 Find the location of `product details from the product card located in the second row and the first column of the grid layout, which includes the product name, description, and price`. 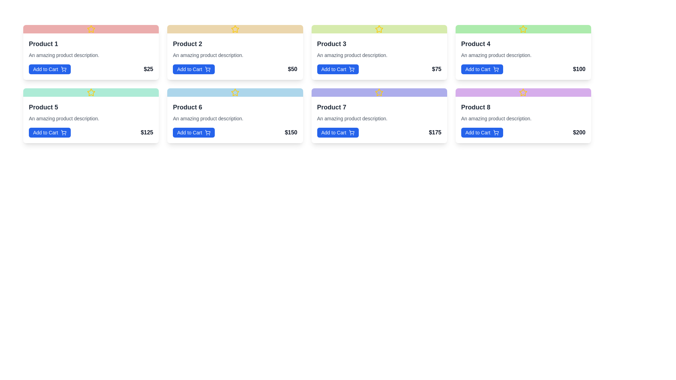

product details from the product card located in the second row and the first column of the grid layout, which includes the product name, description, and price is located at coordinates (90, 115).